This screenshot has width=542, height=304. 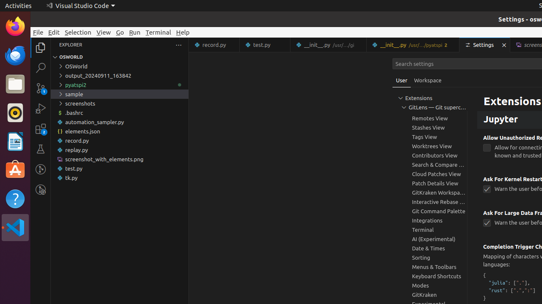 I want to click on 'Stashes View, group', so click(x=430, y=127).